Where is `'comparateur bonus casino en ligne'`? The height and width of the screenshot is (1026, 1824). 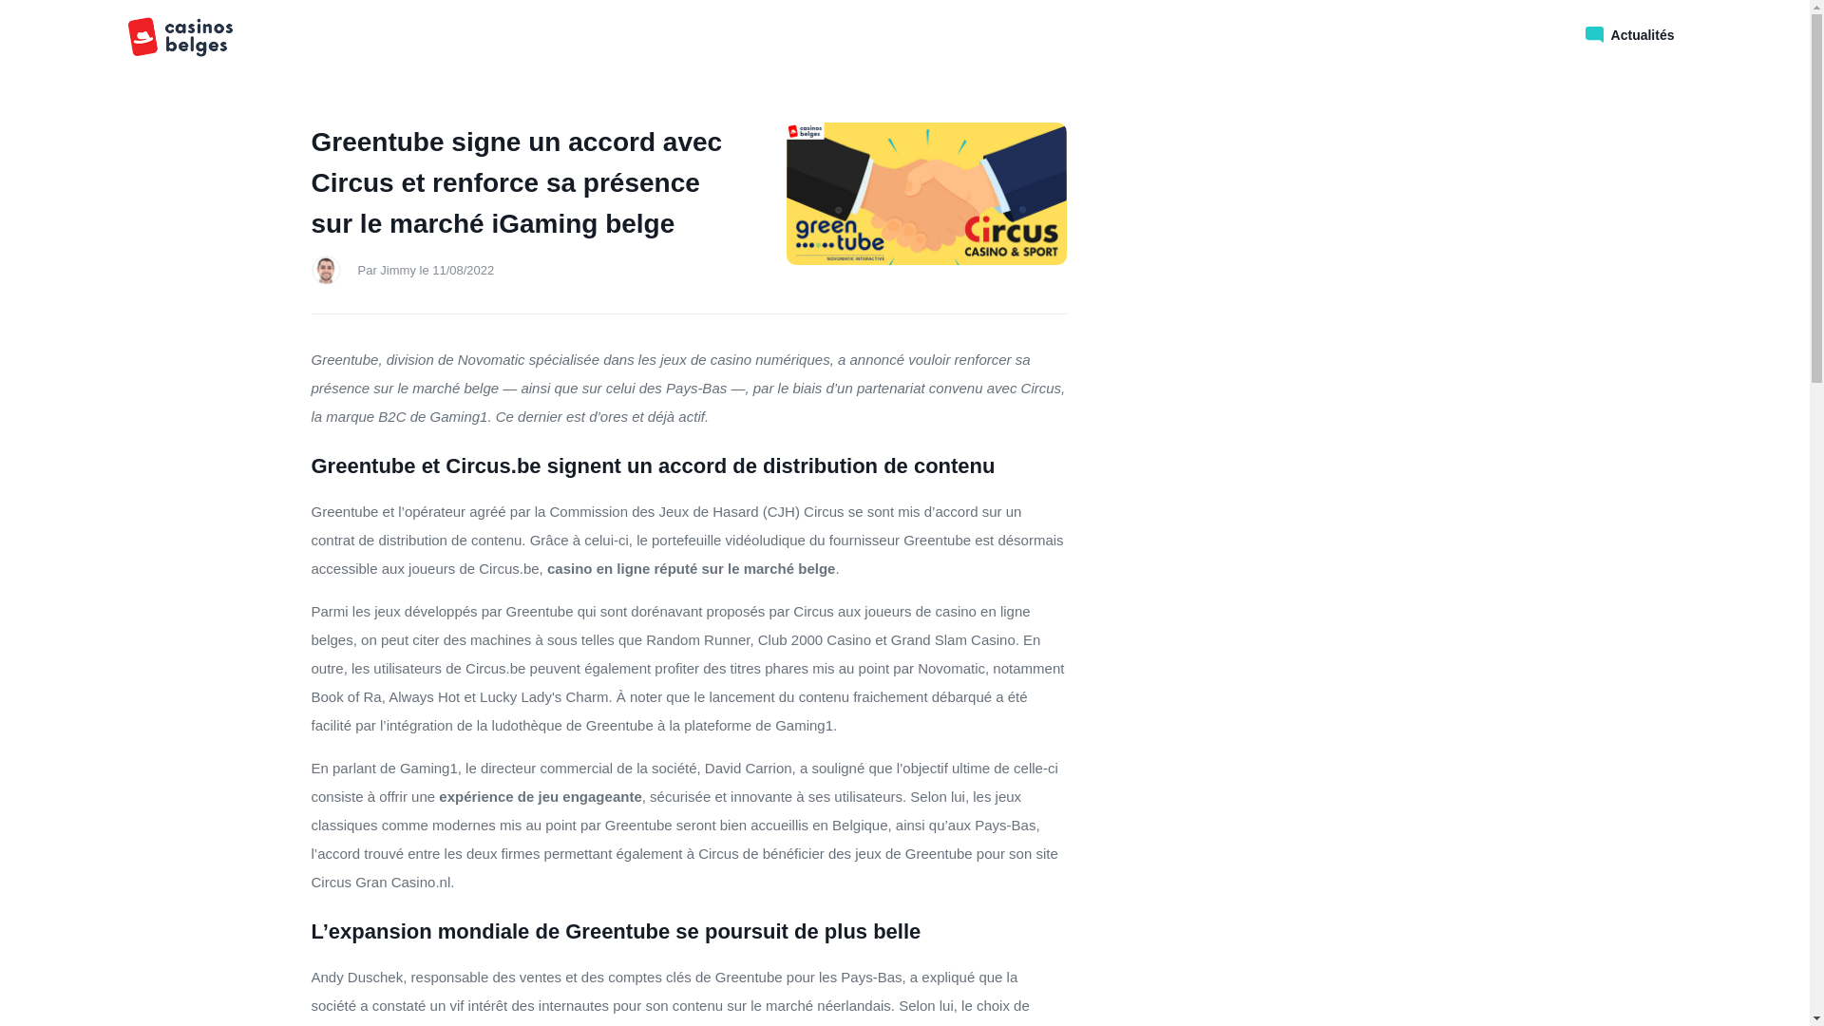
'comparateur bonus casino en ligne' is located at coordinates (196, 36).